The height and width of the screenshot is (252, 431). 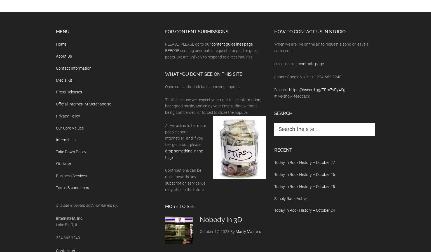 What do you see at coordinates (72, 187) in the screenshot?
I see `'Terms & conditions'` at bounding box center [72, 187].